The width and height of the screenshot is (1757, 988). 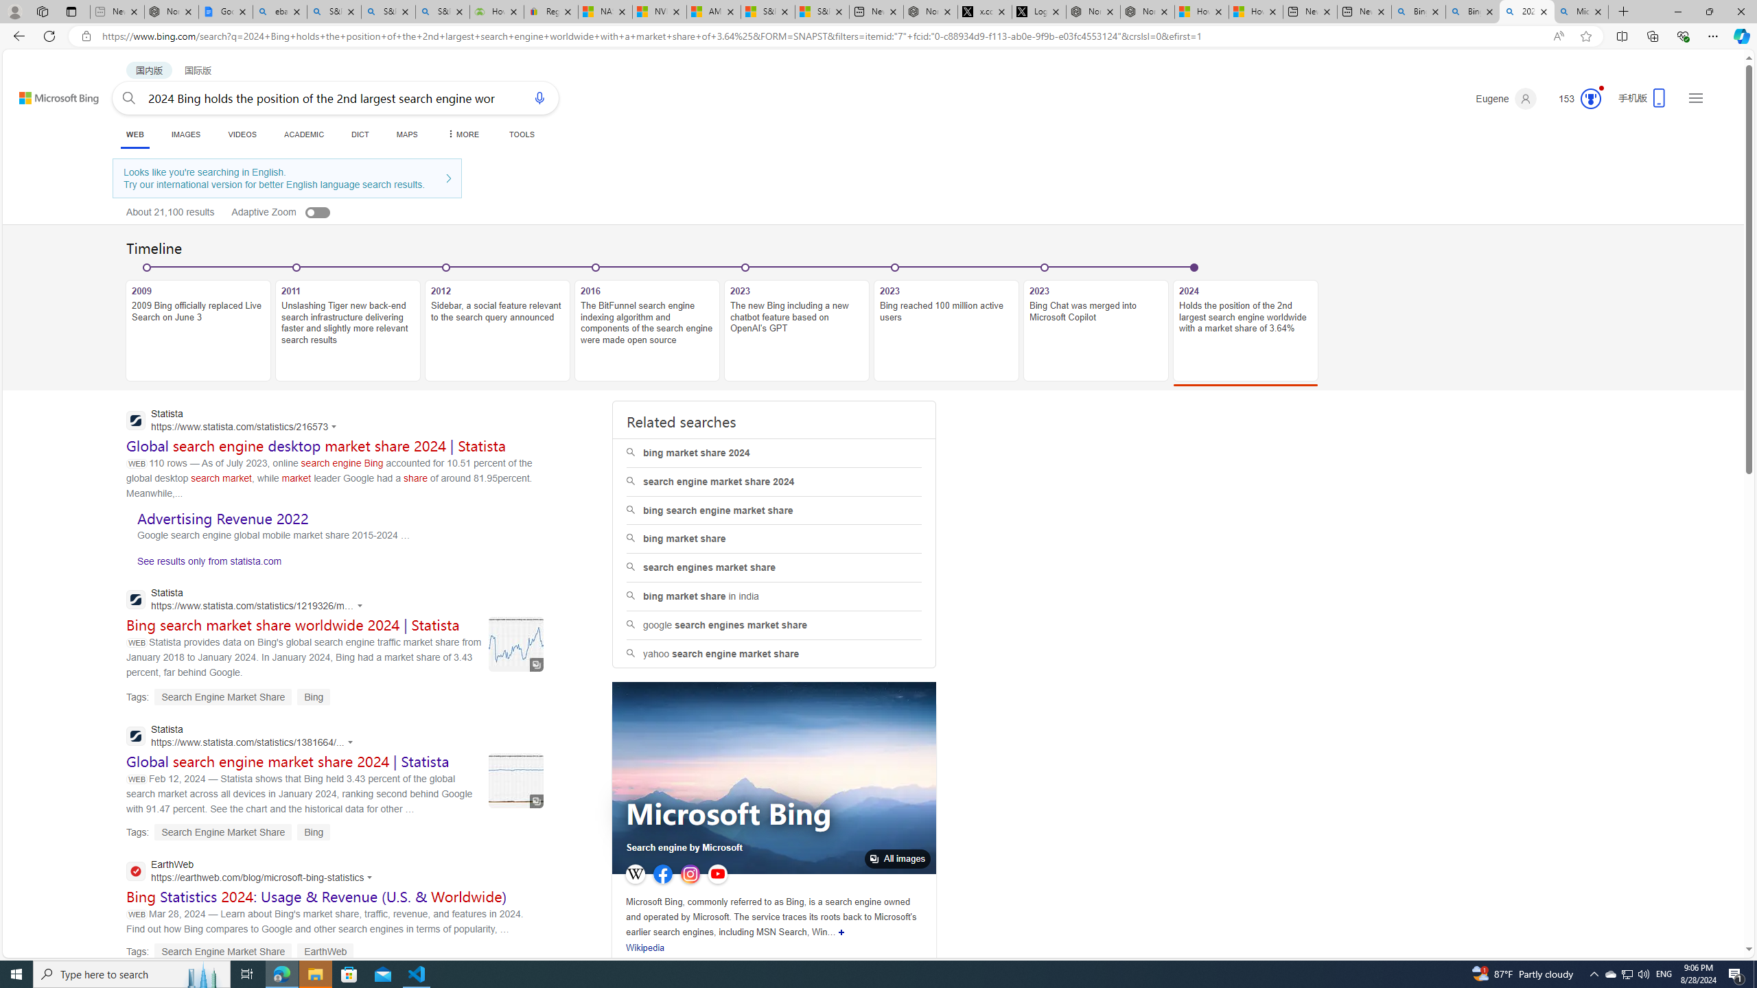 I want to click on 'YouTube', so click(x=717, y=874).